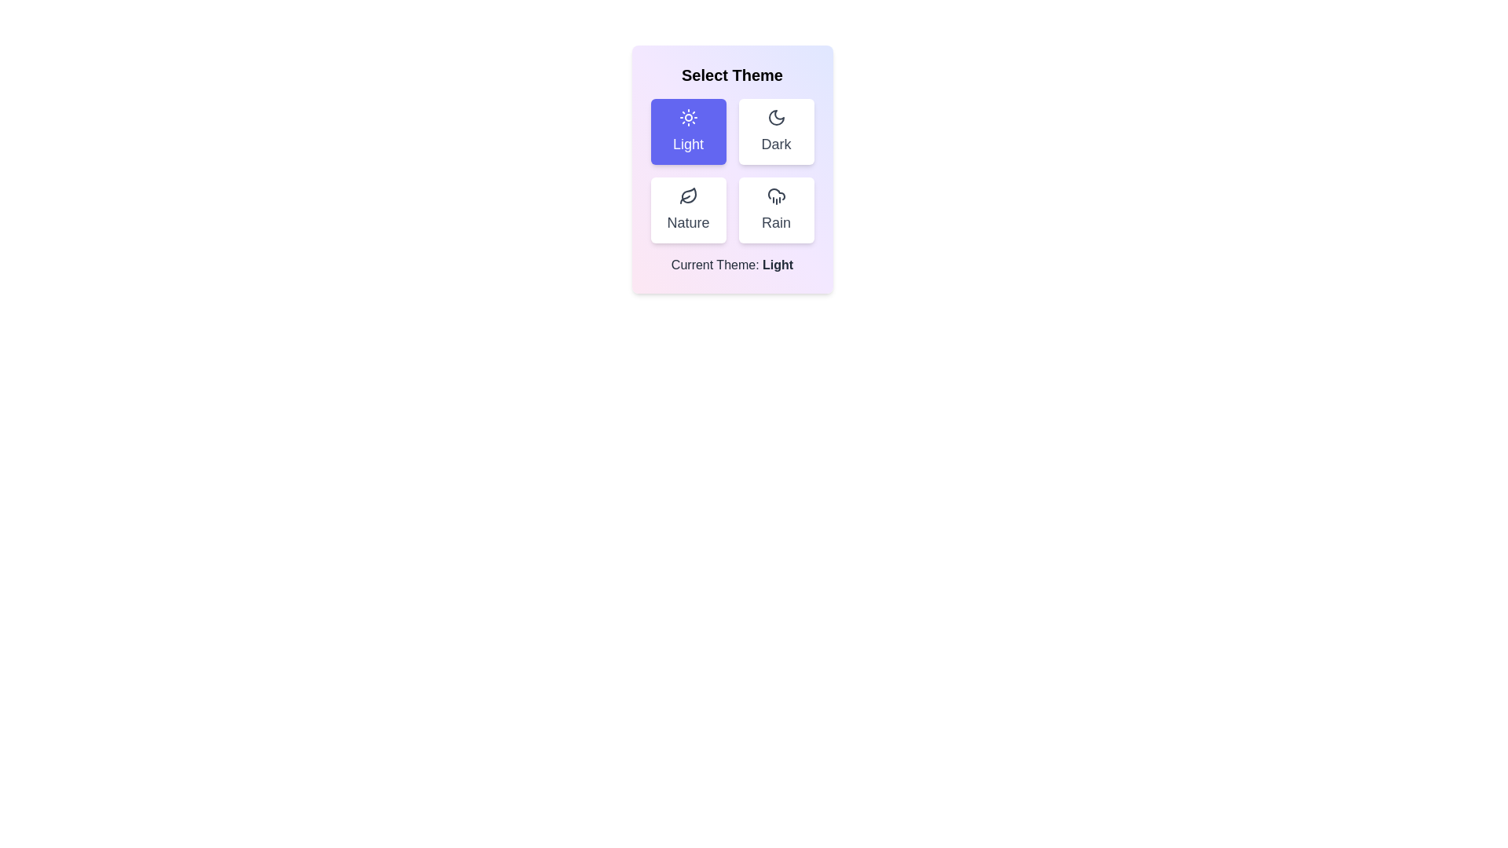 This screenshot has width=1508, height=848. I want to click on the Light button to see its hover effect, so click(688, 131).